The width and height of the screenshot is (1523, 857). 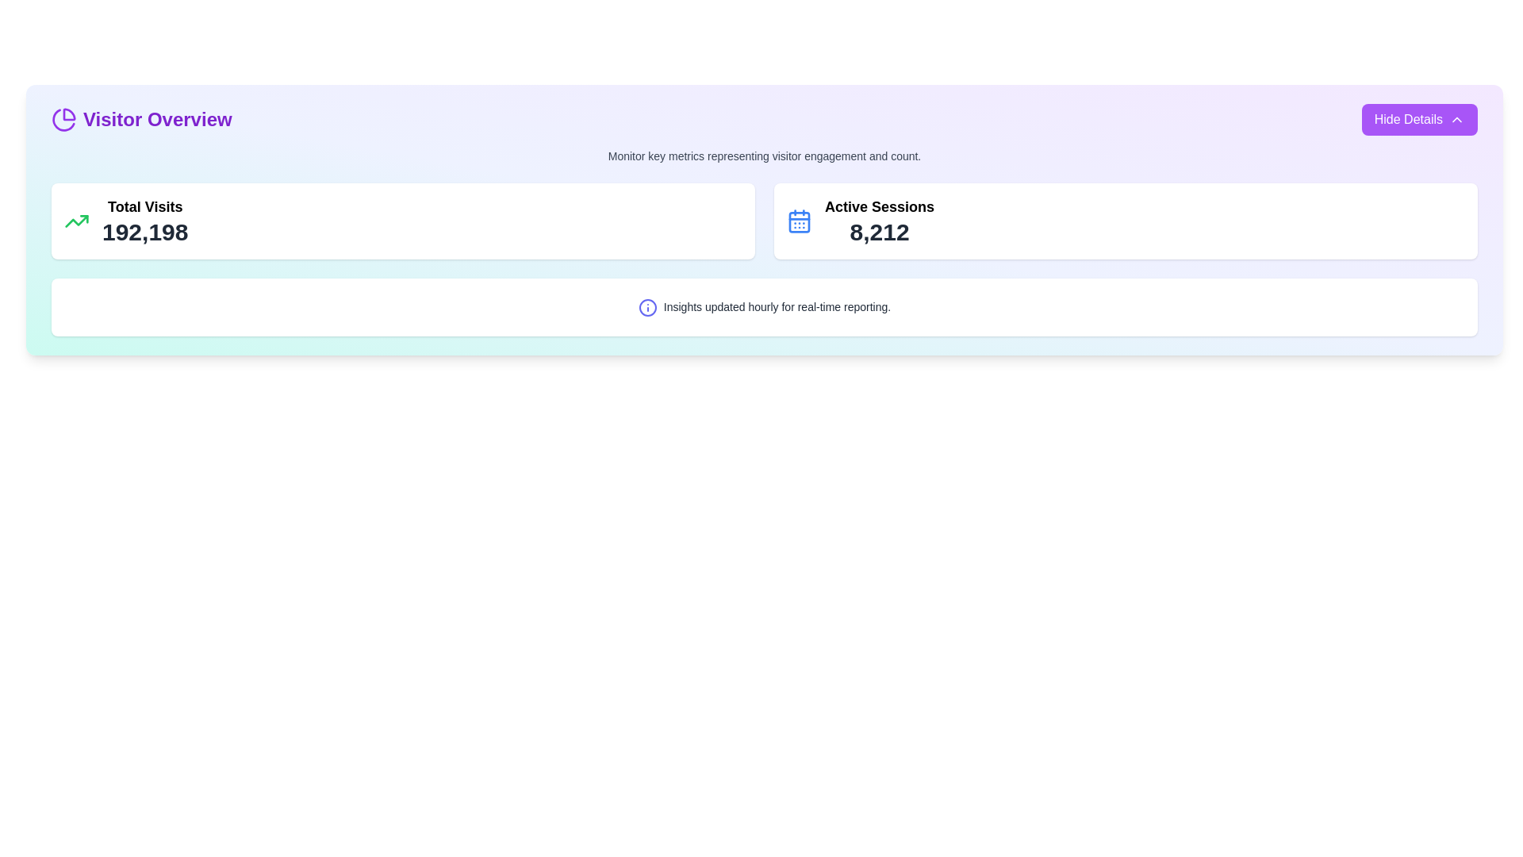 I want to click on the Chevron-up icon located in the top-right corner of the interface within the 'Hide Details' button, so click(x=1457, y=118).